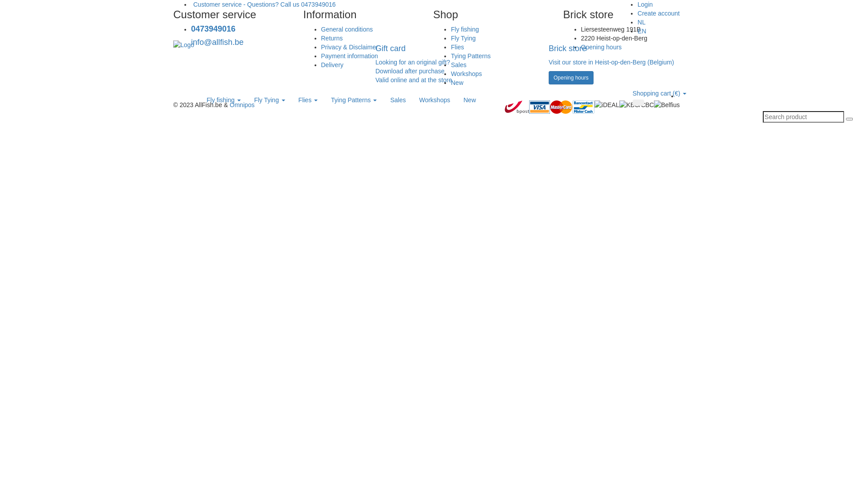 The width and height of the screenshot is (853, 480). I want to click on 'Tying Patterns', so click(353, 100).